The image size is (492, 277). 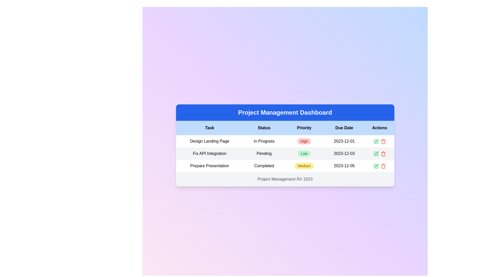 What do you see at coordinates (344, 127) in the screenshot?
I see `the 'Due Date' label, which is the fourth column header in the table header, centered on a light blue background and aligned with 'Task', 'Priority', and 'Actions'` at bounding box center [344, 127].